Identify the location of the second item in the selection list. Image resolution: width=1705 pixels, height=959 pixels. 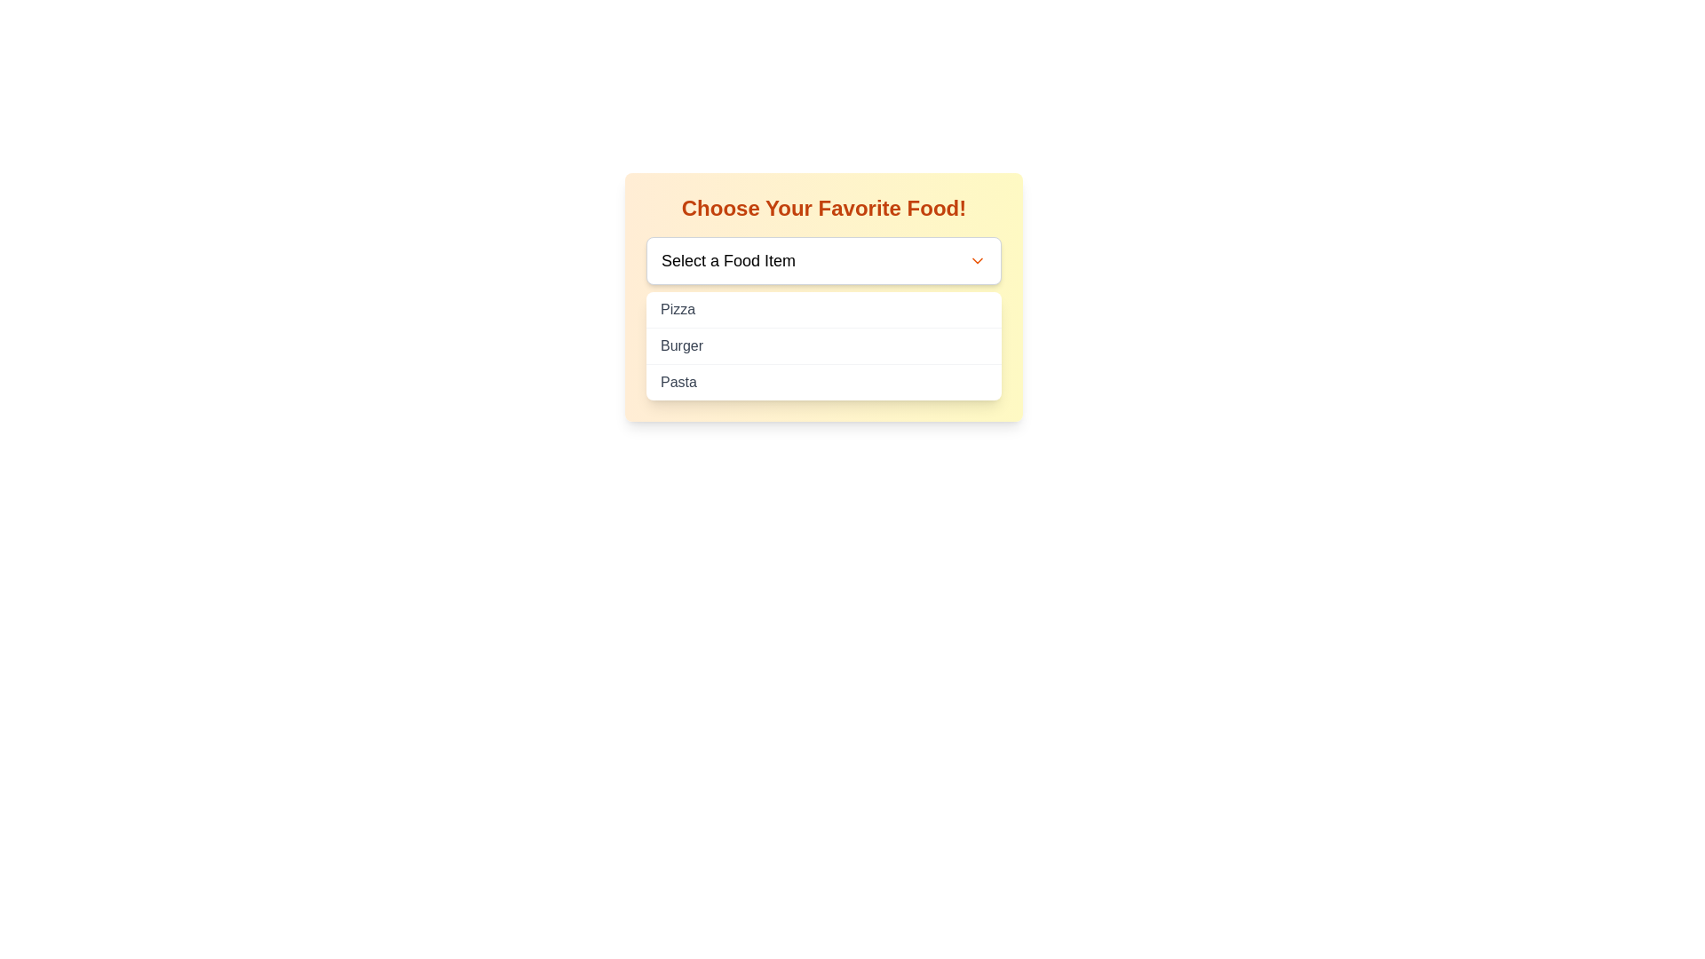
(822, 345).